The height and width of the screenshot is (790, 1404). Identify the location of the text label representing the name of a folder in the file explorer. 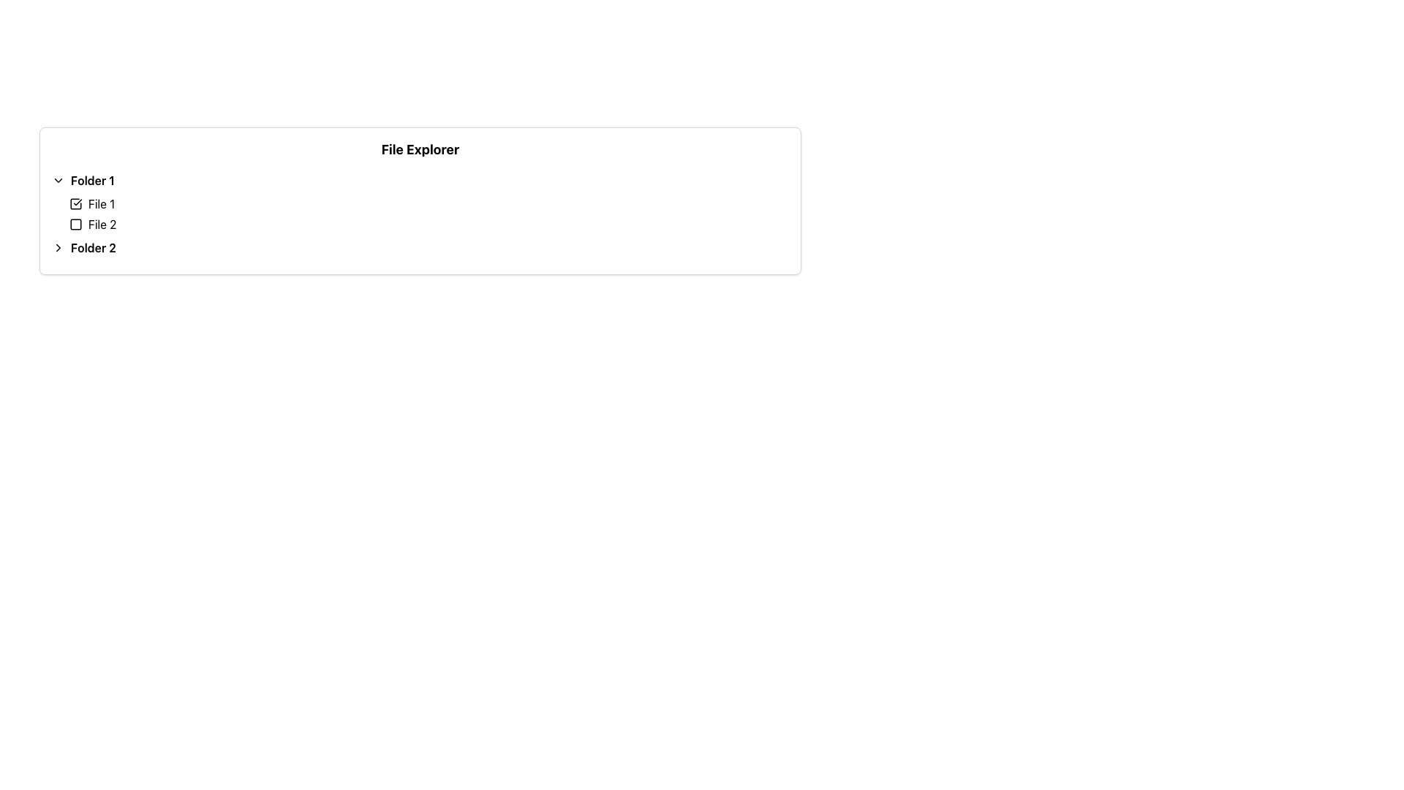
(91, 179).